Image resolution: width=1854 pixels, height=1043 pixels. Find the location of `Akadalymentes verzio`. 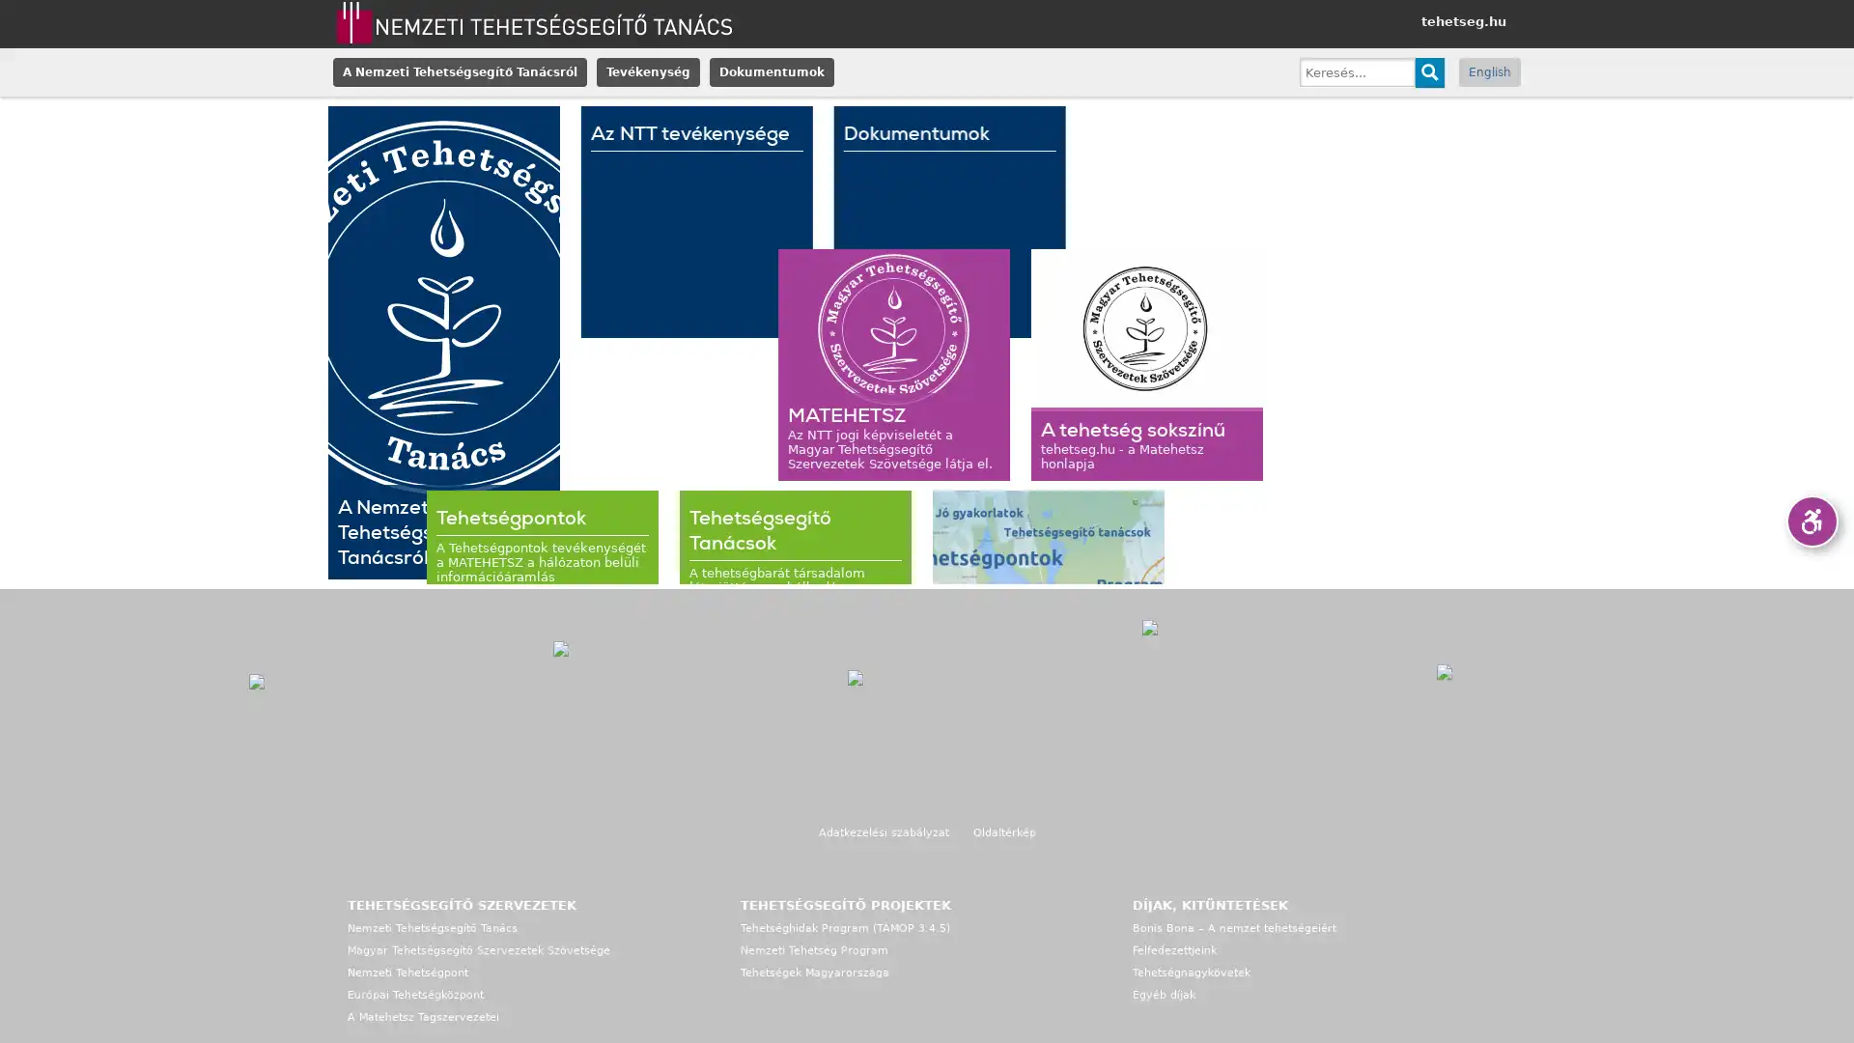

Akadalymentes verzio is located at coordinates (1811, 521).